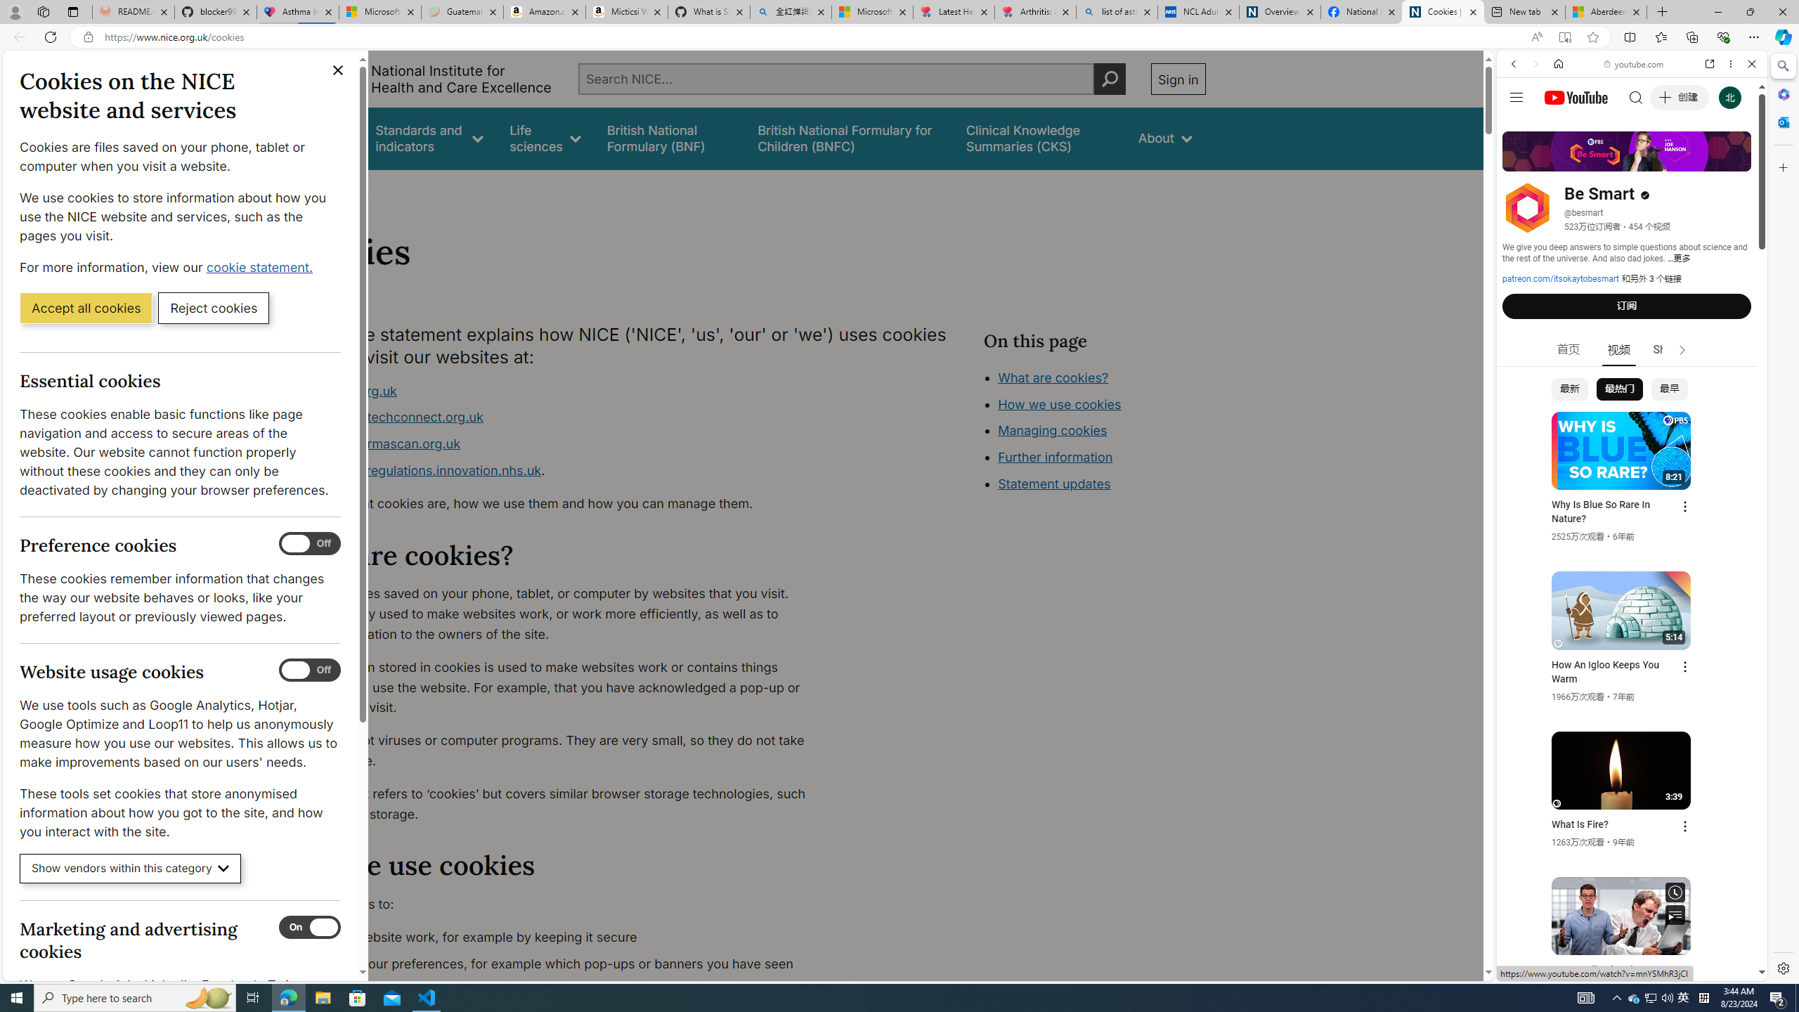  I want to click on 'Accept all cookies', so click(86, 306).